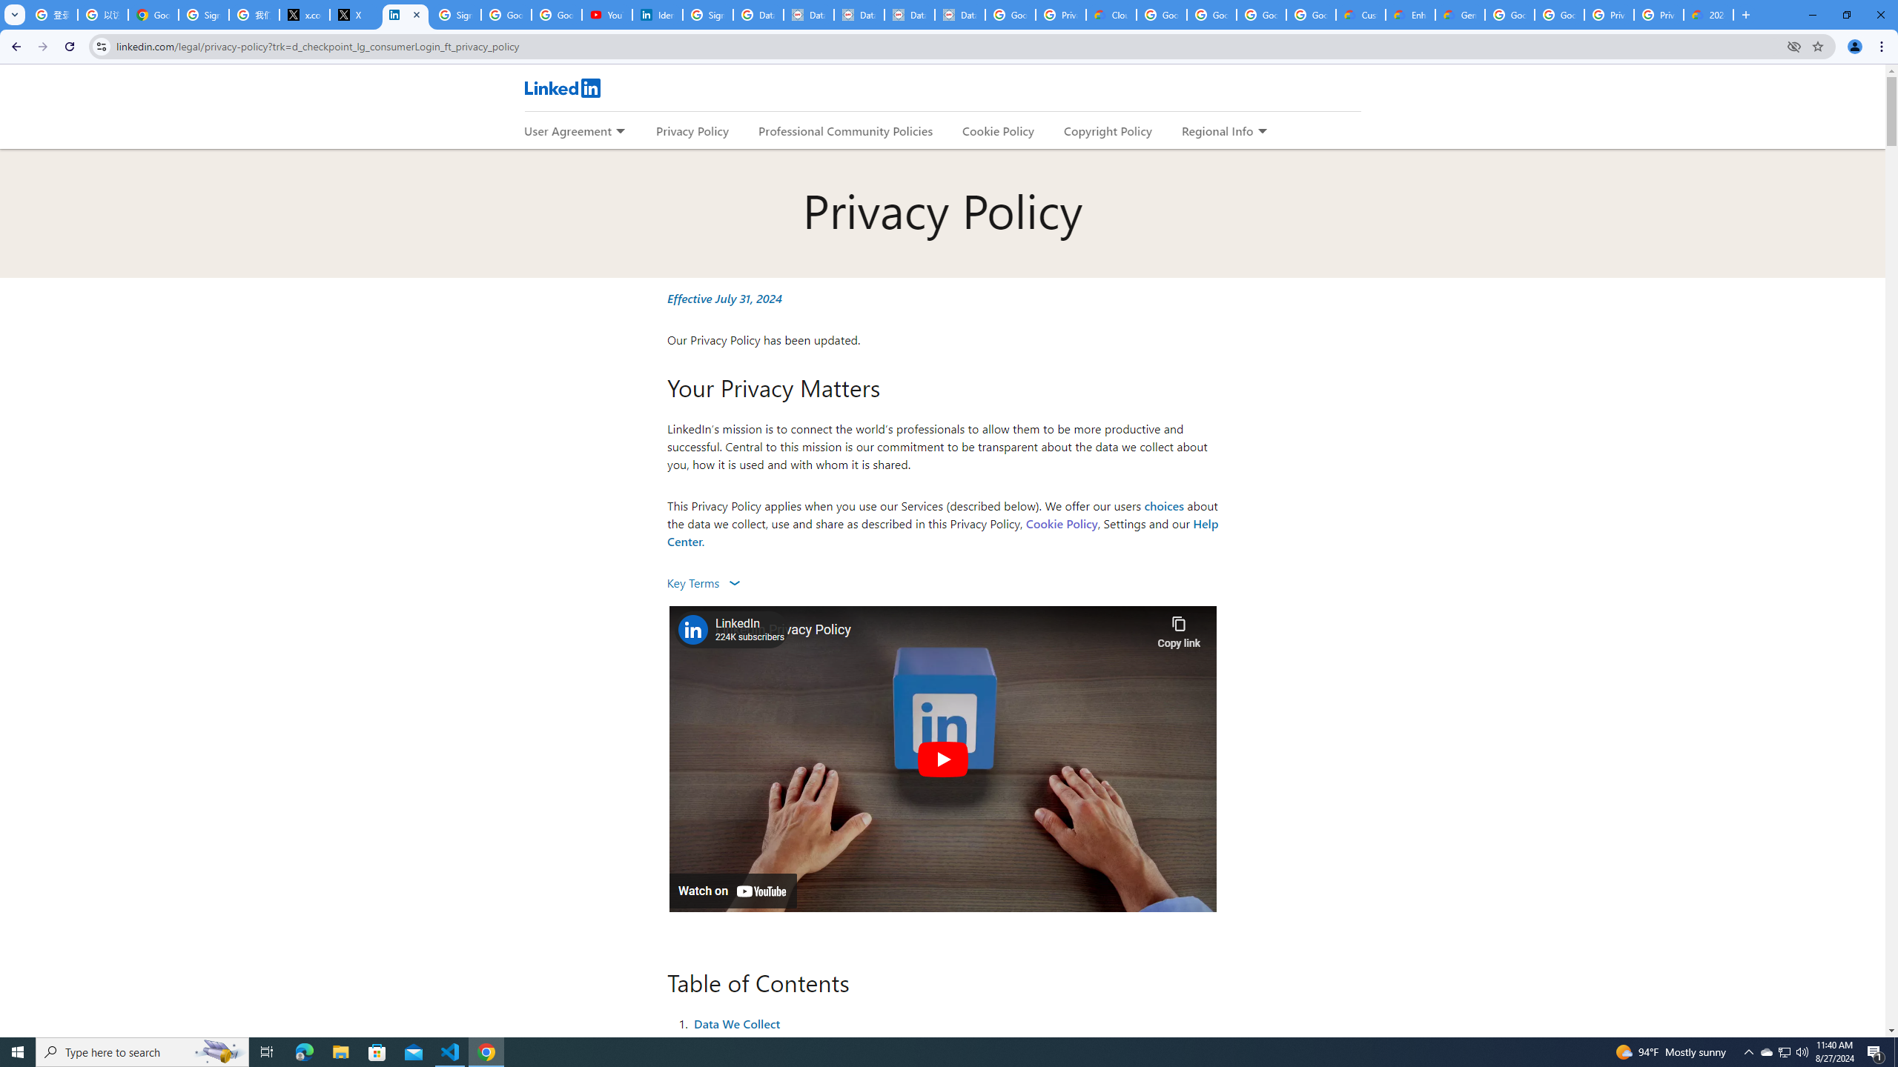  Describe the element at coordinates (1309, 14) in the screenshot. I see `'Google Workspace - Specific Terms'` at that location.